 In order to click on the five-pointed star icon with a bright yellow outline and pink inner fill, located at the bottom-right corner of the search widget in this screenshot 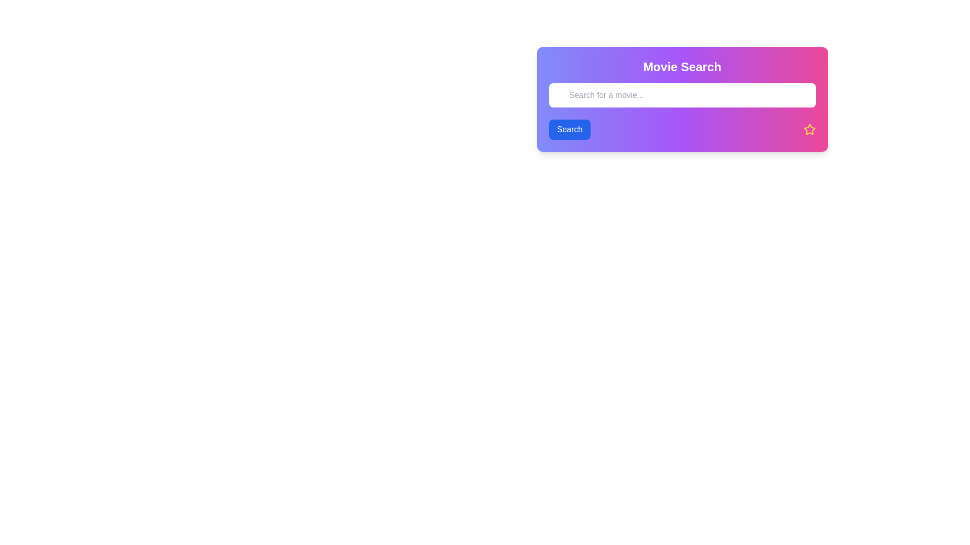, I will do `click(809, 128)`.